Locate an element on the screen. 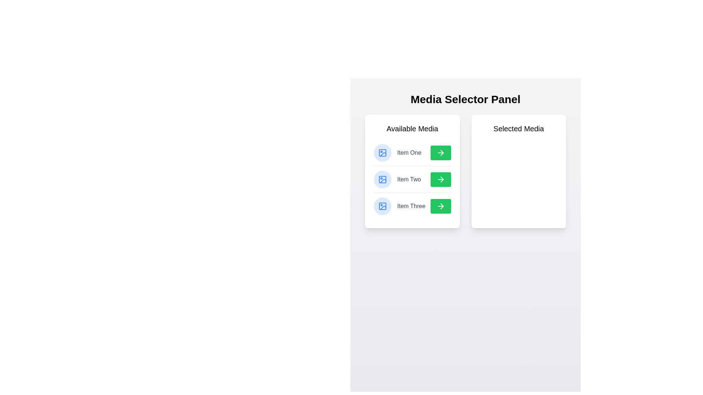 This screenshot has width=703, height=395. the text label 'Item Three' in the third row of the 'Available Media' section in the 'Media Selector Panel' is located at coordinates (412, 206).